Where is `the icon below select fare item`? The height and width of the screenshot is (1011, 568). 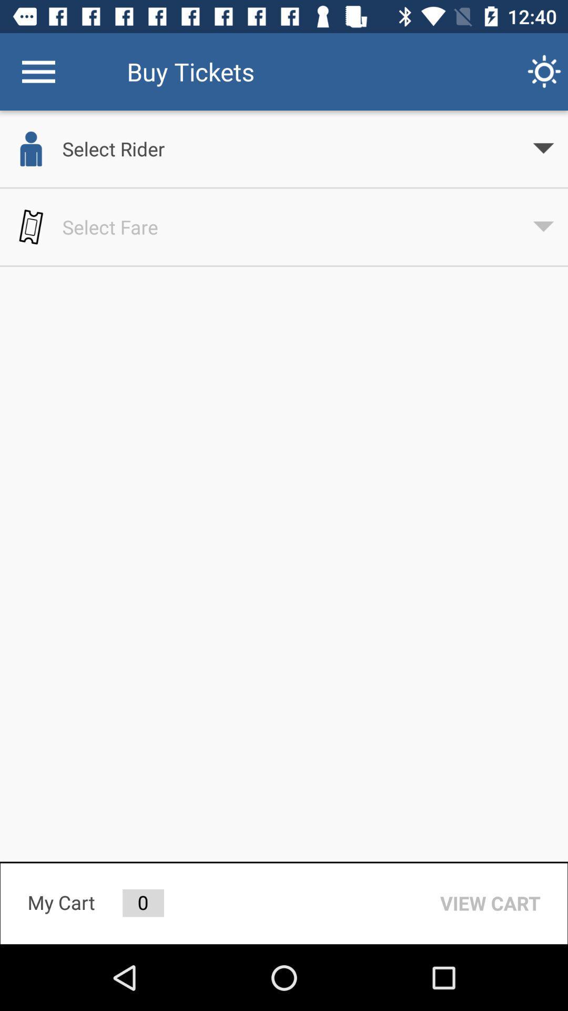 the icon below select fare item is located at coordinates (490, 903).